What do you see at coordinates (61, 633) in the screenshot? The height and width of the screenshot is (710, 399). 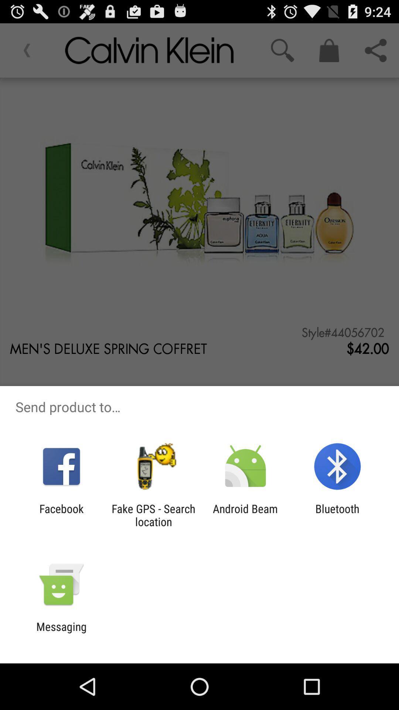 I see `messaging` at bounding box center [61, 633].